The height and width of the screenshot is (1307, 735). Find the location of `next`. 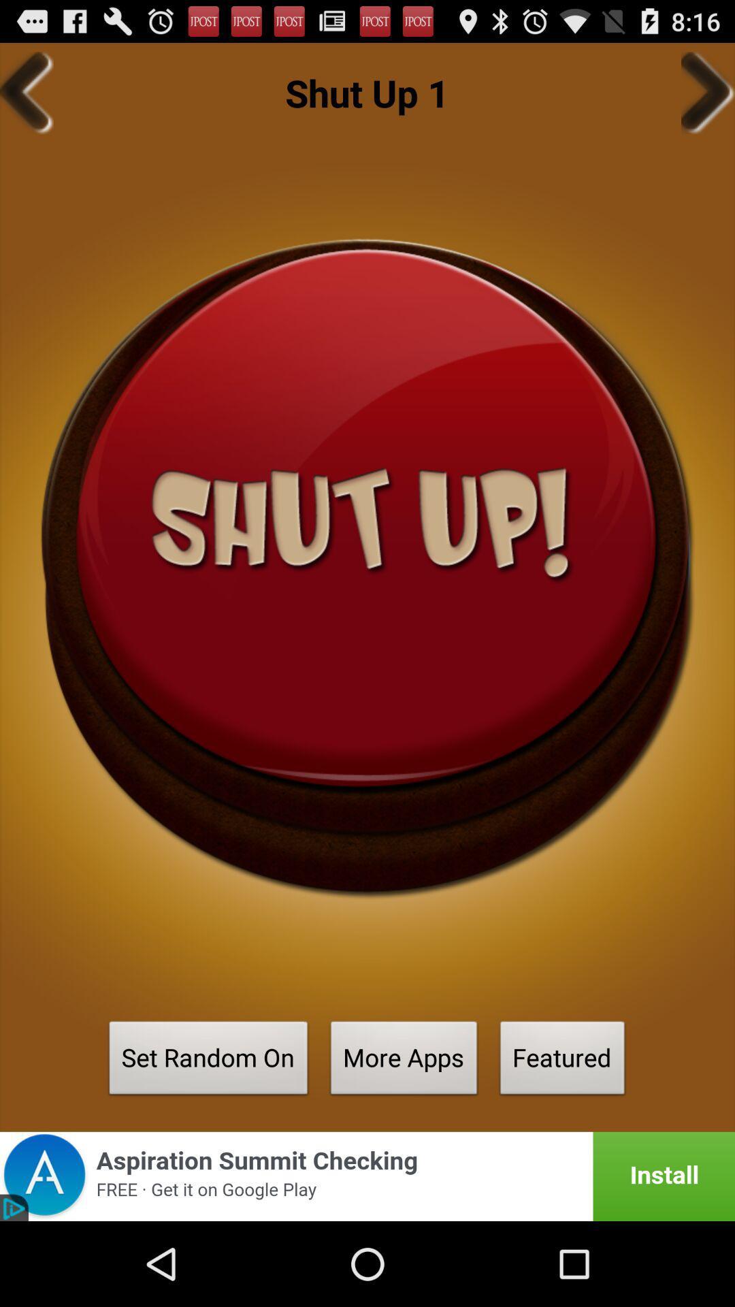

next is located at coordinates (707, 92).